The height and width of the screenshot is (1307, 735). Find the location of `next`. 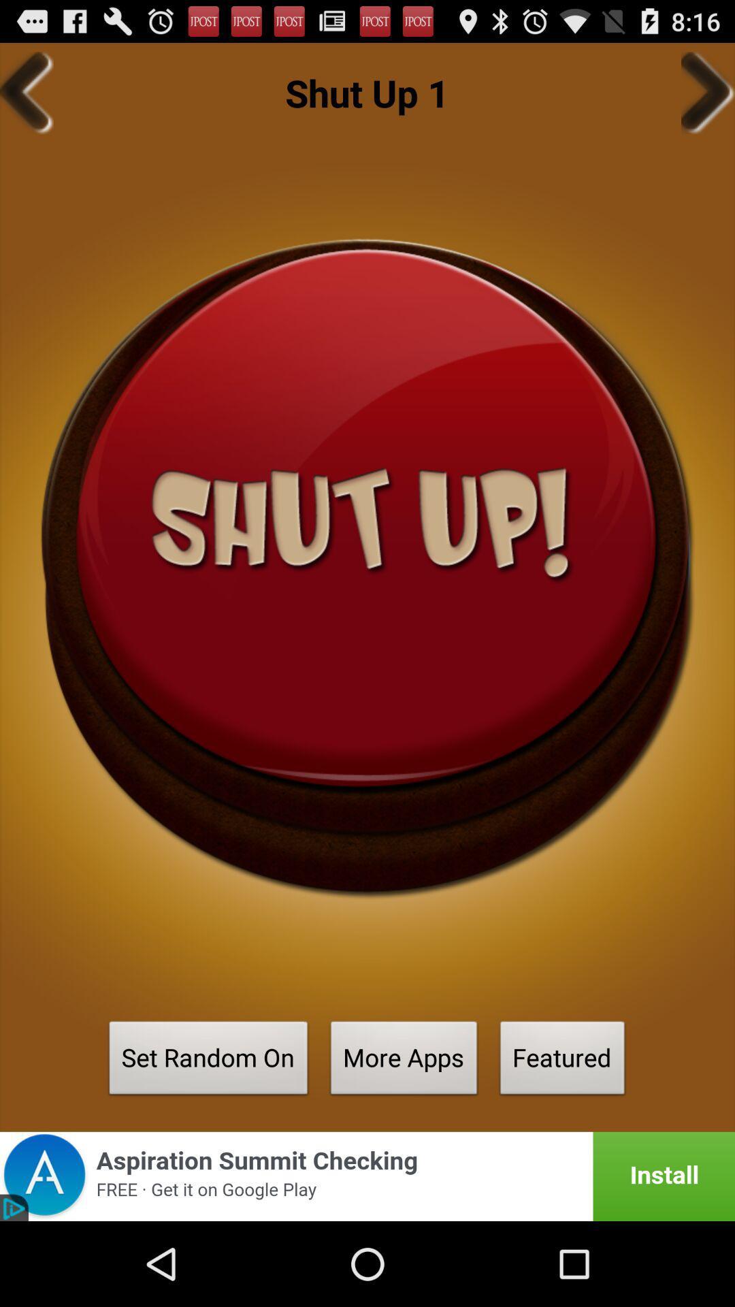

next is located at coordinates (707, 92).